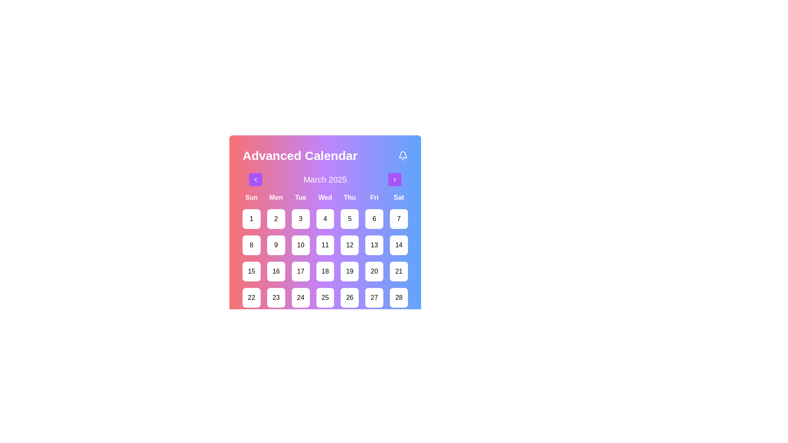 Image resolution: width=788 pixels, height=443 pixels. I want to click on the small right-pointing chevron icon located on the top right side of the calendar widget, so click(394, 179).